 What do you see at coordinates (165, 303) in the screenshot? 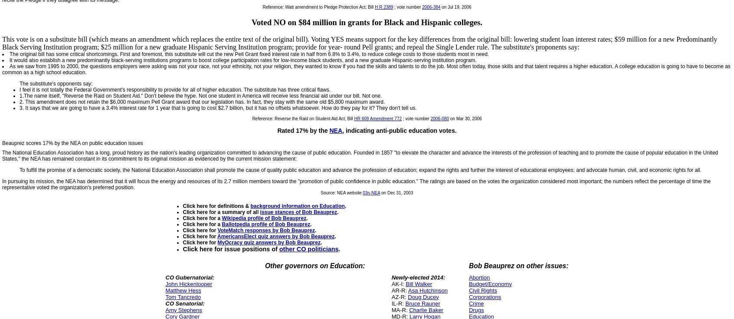
I see `'CO Senatorial:'` at bounding box center [165, 303].